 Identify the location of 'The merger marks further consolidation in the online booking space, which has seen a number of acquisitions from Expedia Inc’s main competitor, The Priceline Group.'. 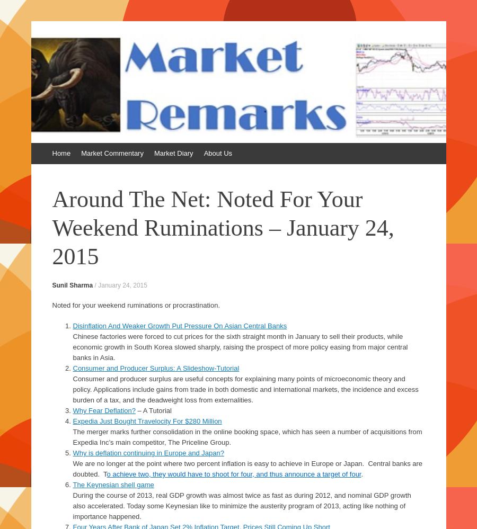
(246, 437).